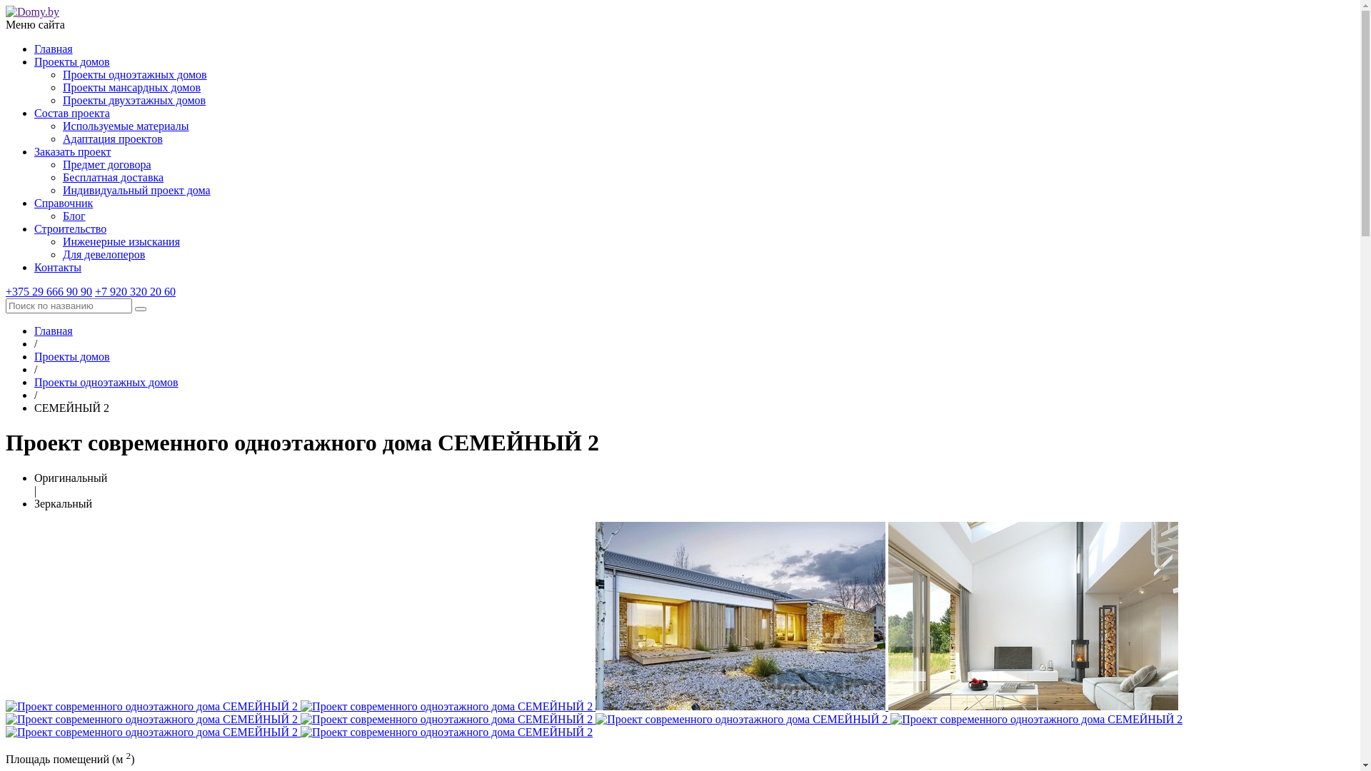  I want to click on '+375 29 666 90 90', so click(49, 291).